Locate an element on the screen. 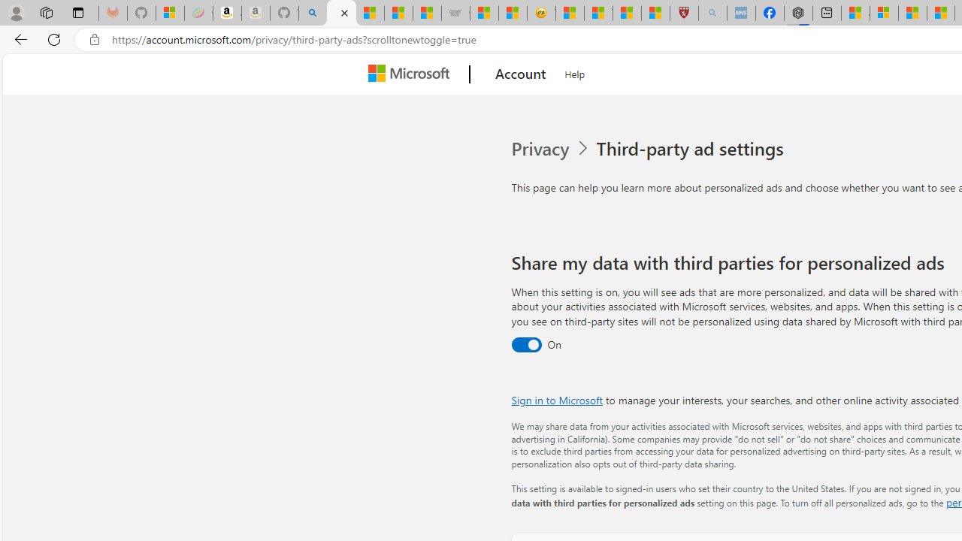 The width and height of the screenshot is (962, 541). 'Combat Siege' is located at coordinates (455, 13).